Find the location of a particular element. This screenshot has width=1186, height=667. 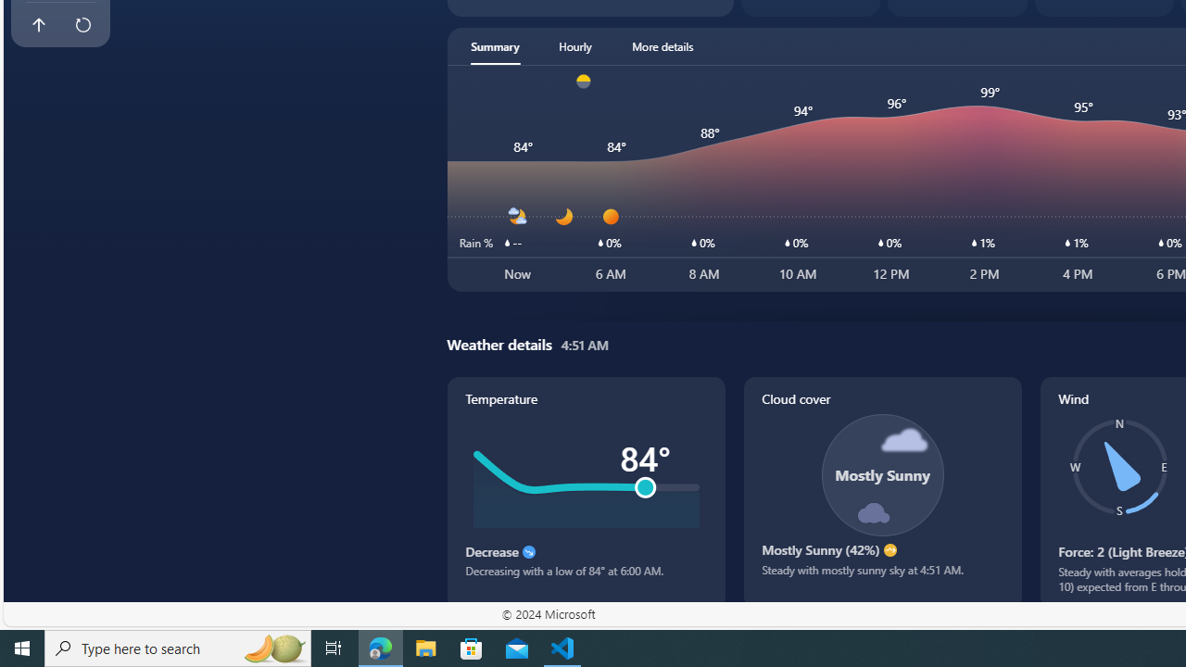

'Refresh this page' is located at coordinates (82, 25).